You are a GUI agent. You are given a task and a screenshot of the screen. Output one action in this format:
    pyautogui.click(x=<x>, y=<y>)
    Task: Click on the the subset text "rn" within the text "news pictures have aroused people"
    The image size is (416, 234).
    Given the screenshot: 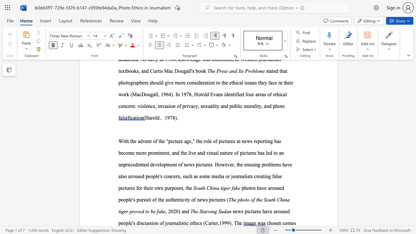 What is the action you would take?
    pyautogui.click(x=172, y=223)
    